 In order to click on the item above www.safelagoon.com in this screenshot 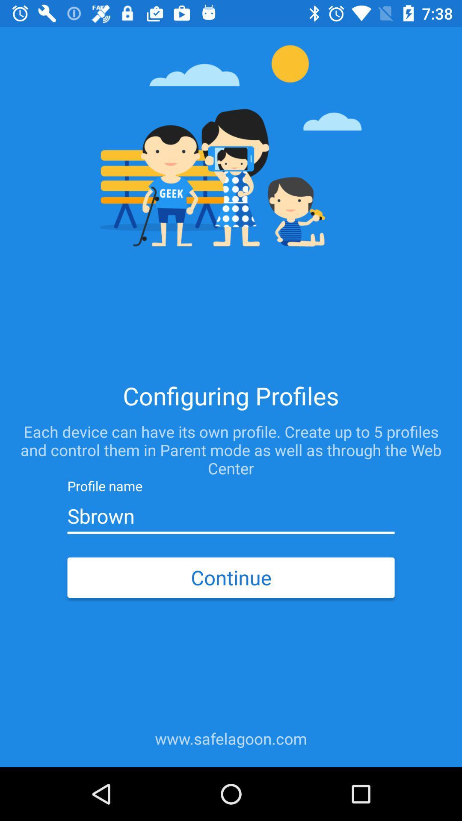, I will do `click(231, 577)`.